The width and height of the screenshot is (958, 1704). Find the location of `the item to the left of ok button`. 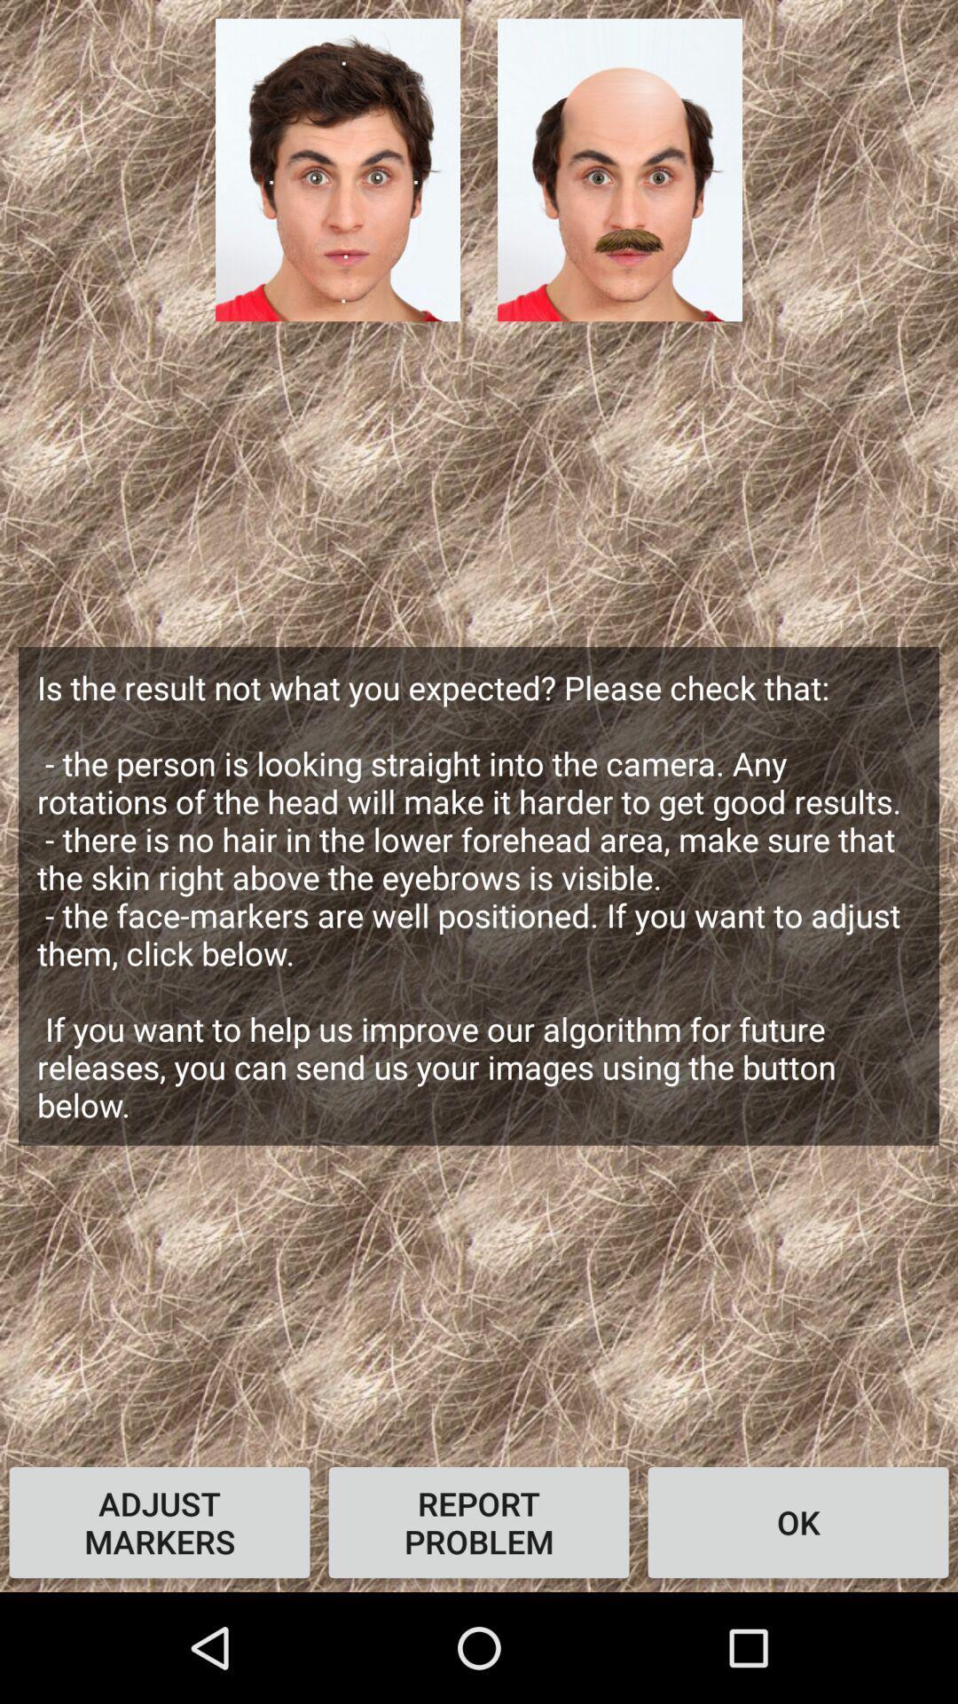

the item to the left of ok button is located at coordinates (479, 1521).